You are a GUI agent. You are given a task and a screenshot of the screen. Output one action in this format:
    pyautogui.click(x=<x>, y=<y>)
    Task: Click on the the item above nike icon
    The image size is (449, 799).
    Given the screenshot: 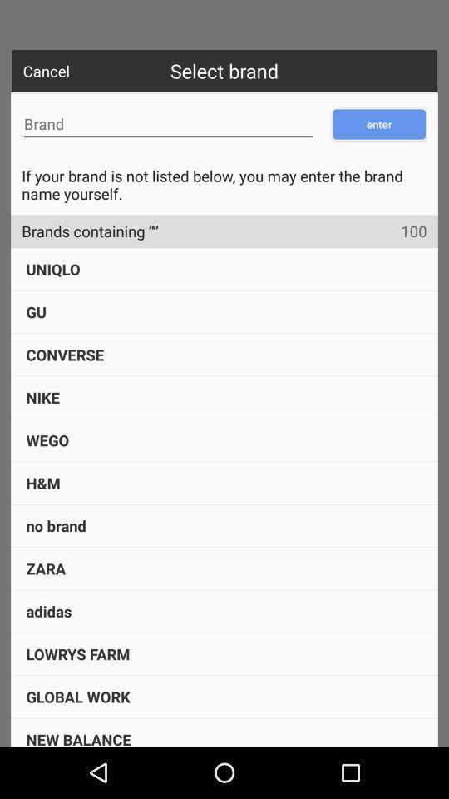 What is the action you would take?
    pyautogui.click(x=64, y=355)
    